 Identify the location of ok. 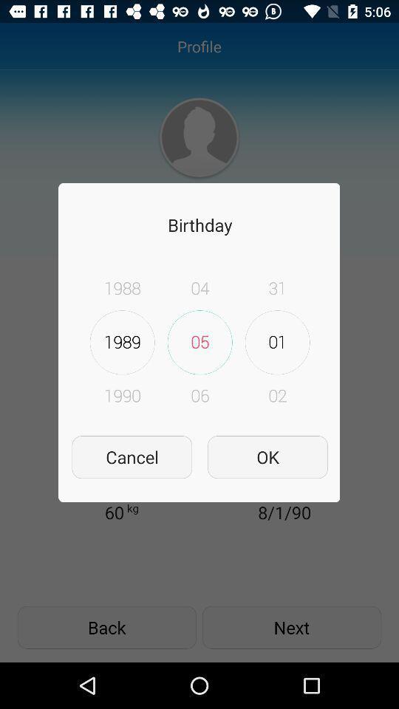
(267, 456).